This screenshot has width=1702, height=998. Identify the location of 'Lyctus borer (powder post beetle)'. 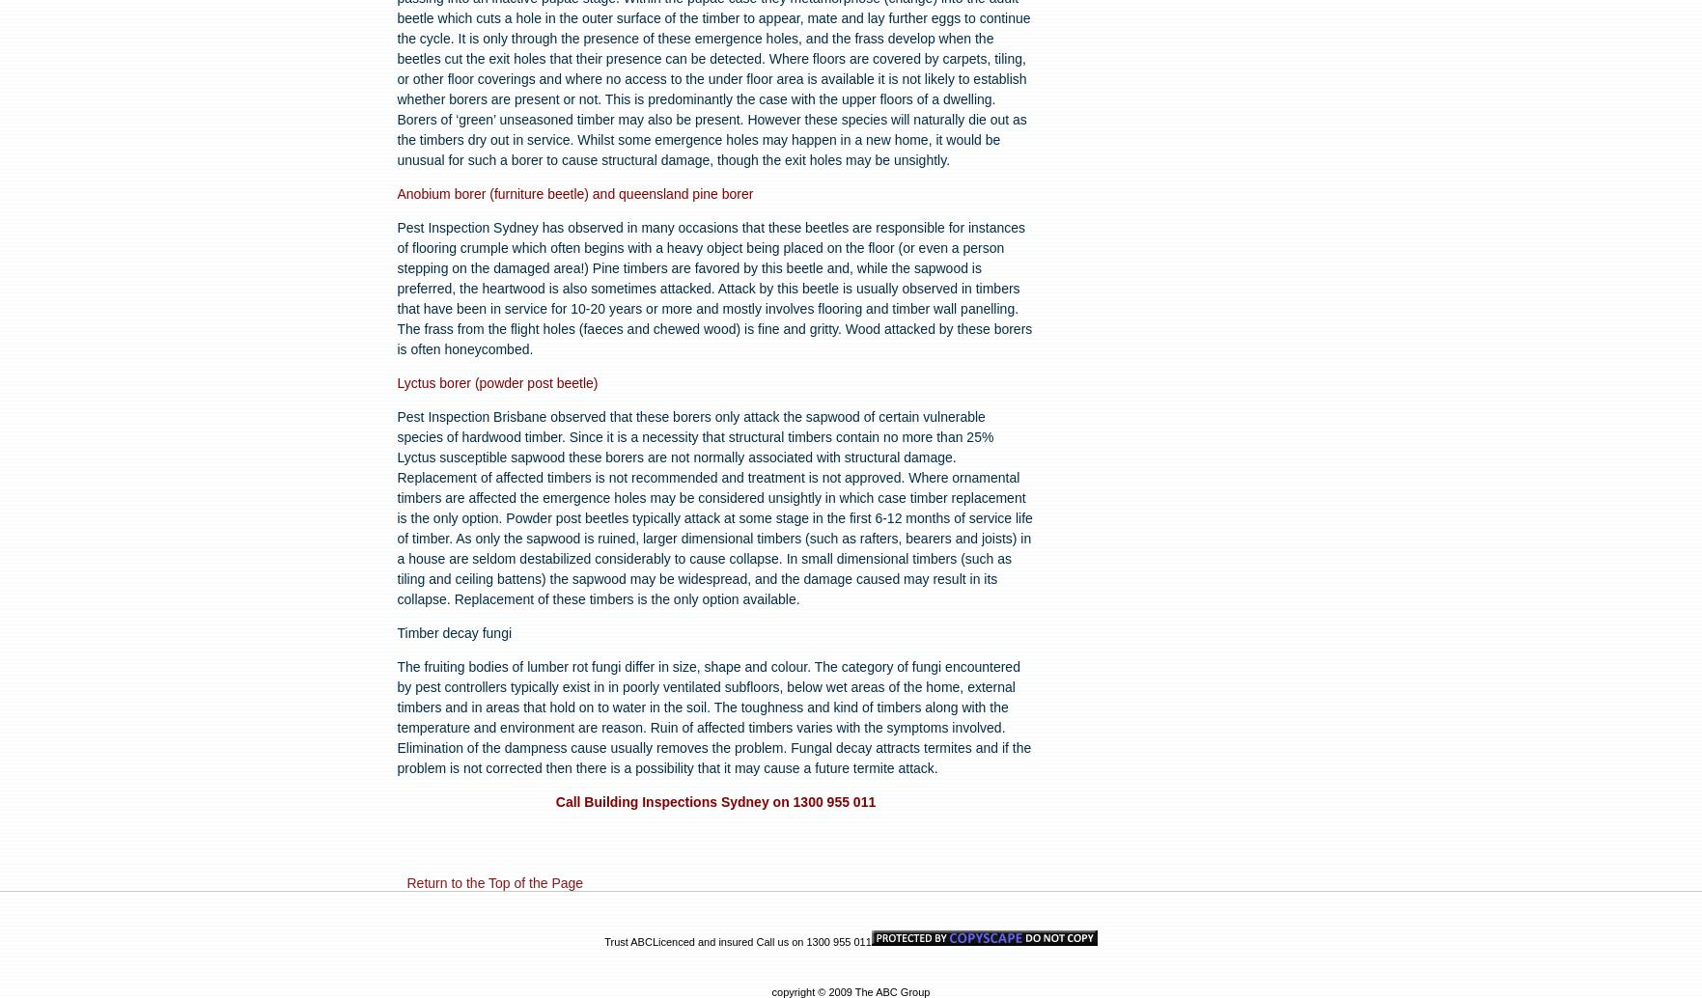
(496, 381).